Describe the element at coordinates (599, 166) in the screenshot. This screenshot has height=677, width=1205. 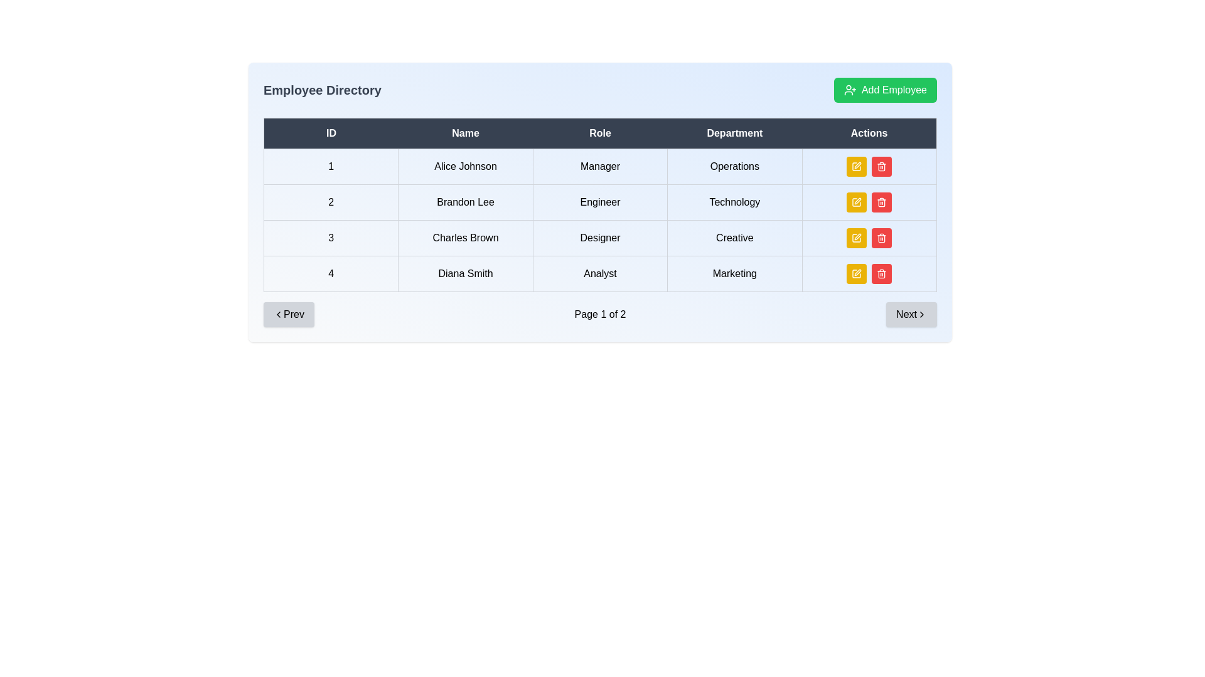
I see `the first row of the employee table that contains ID, Name, Role, Department, and Actions` at that location.